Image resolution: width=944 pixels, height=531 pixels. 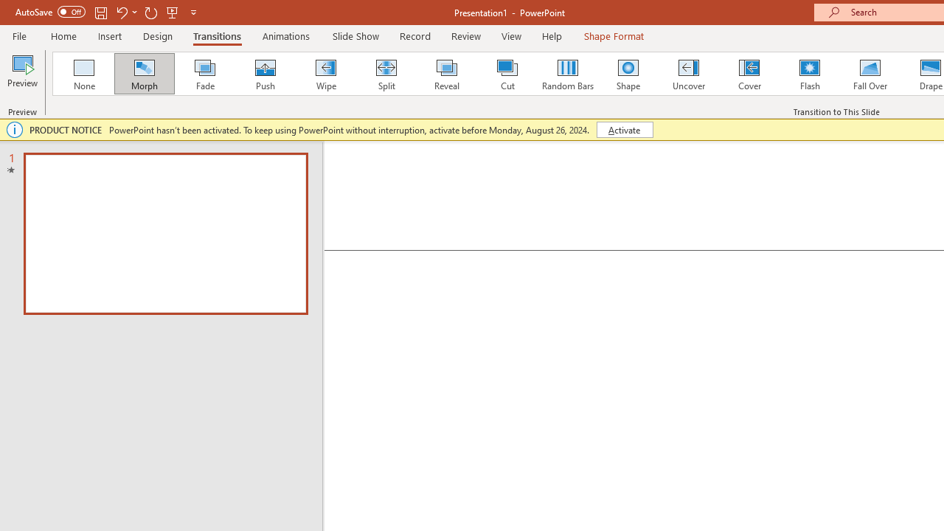 What do you see at coordinates (567, 74) in the screenshot?
I see `'Random Bars'` at bounding box center [567, 74].